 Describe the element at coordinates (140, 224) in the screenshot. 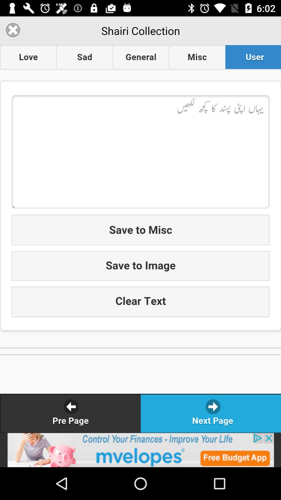

I see `music window` at that location.